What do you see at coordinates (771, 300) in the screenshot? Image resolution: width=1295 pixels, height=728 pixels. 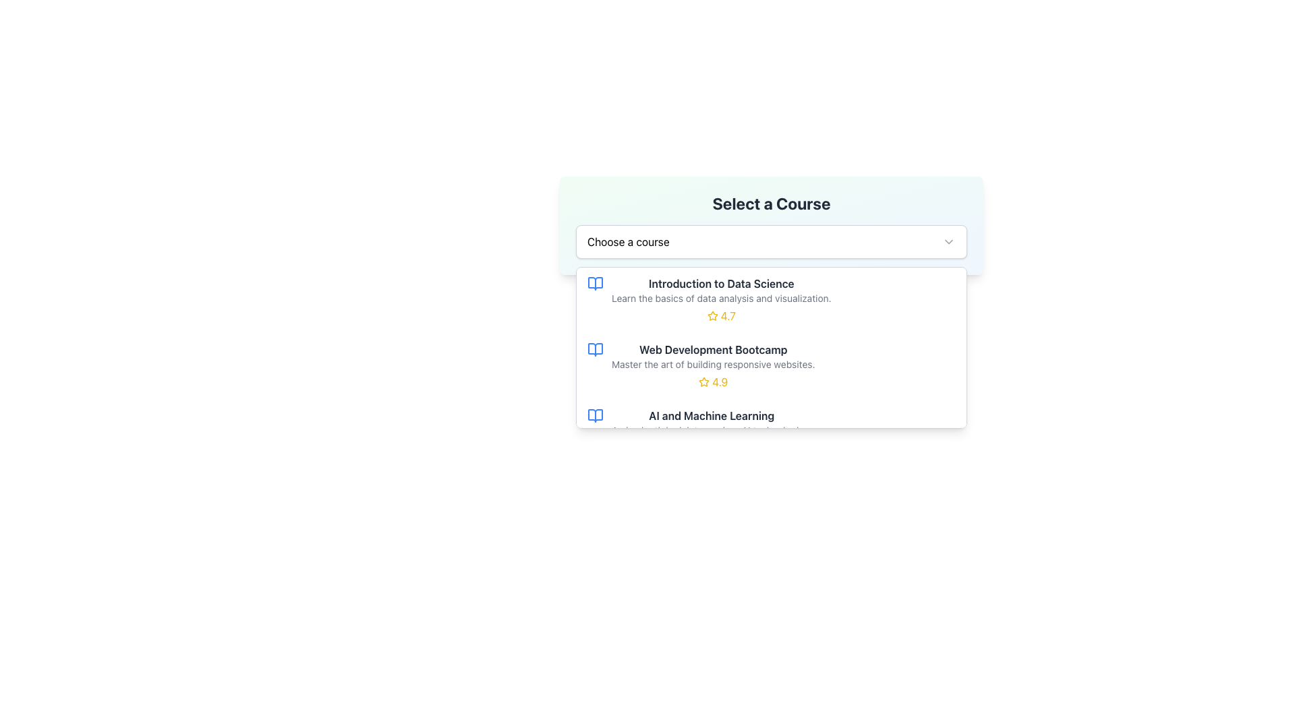 I see `the button-like selectable list item titled 'Introduction to Data Science'` at bounding box center [771, 300].